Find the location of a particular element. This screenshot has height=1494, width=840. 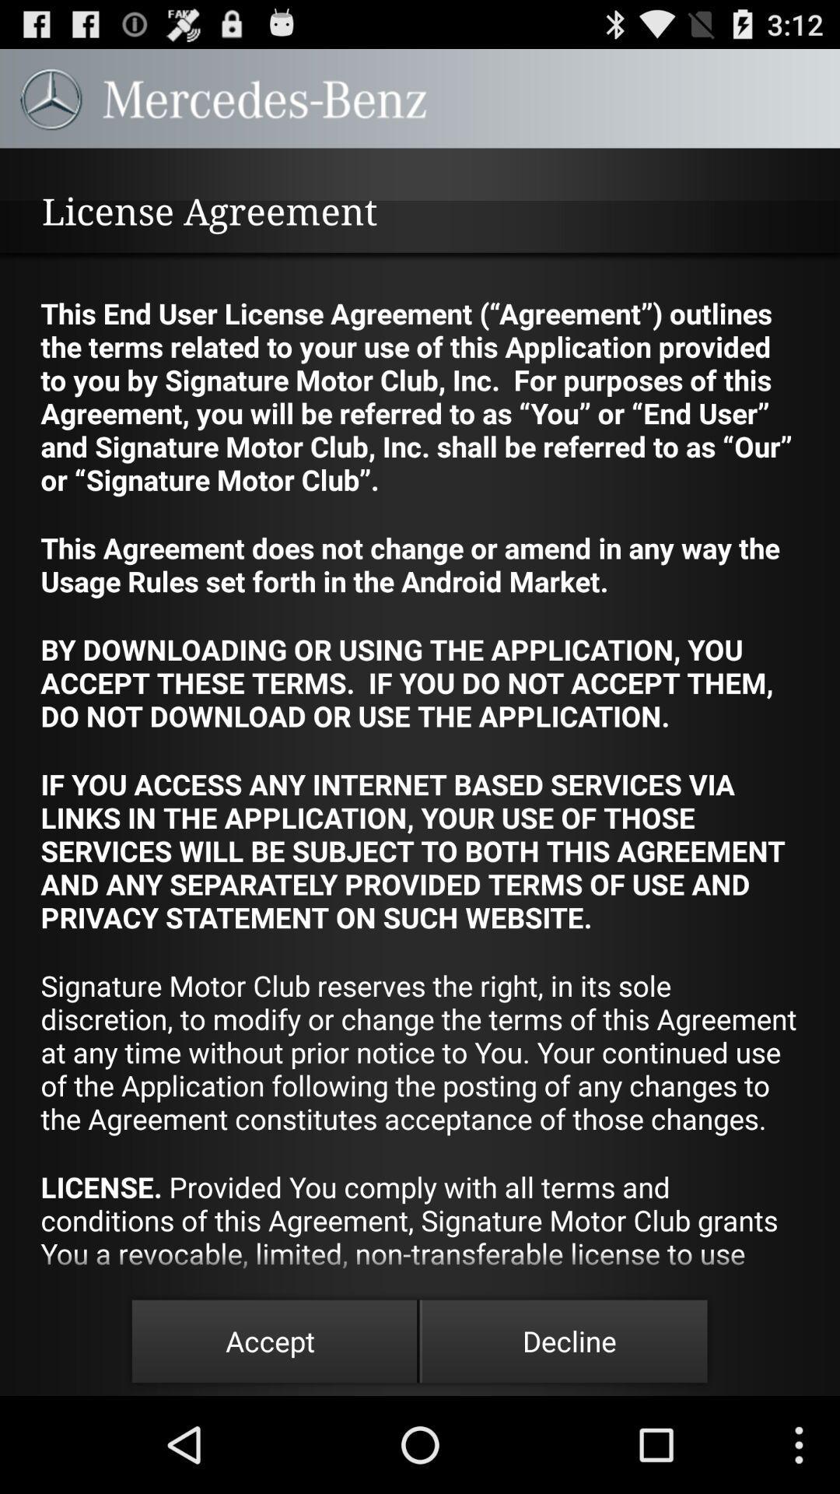

the decline is located at coordinates (569, 1340).